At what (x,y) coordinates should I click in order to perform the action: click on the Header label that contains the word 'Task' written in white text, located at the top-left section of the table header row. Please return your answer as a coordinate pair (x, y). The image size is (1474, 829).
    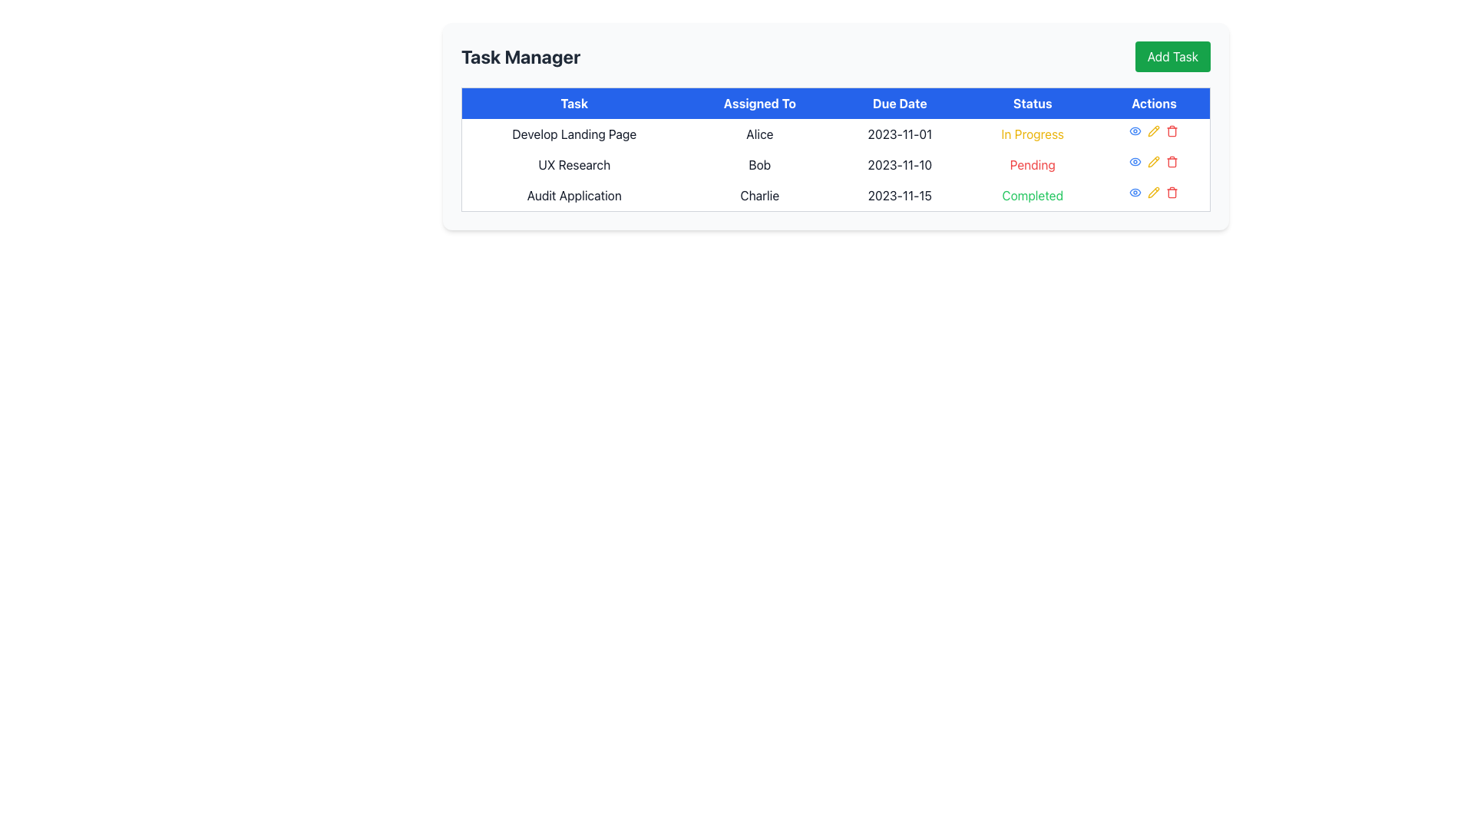
    Looking at the image, I should click on (573, 103).